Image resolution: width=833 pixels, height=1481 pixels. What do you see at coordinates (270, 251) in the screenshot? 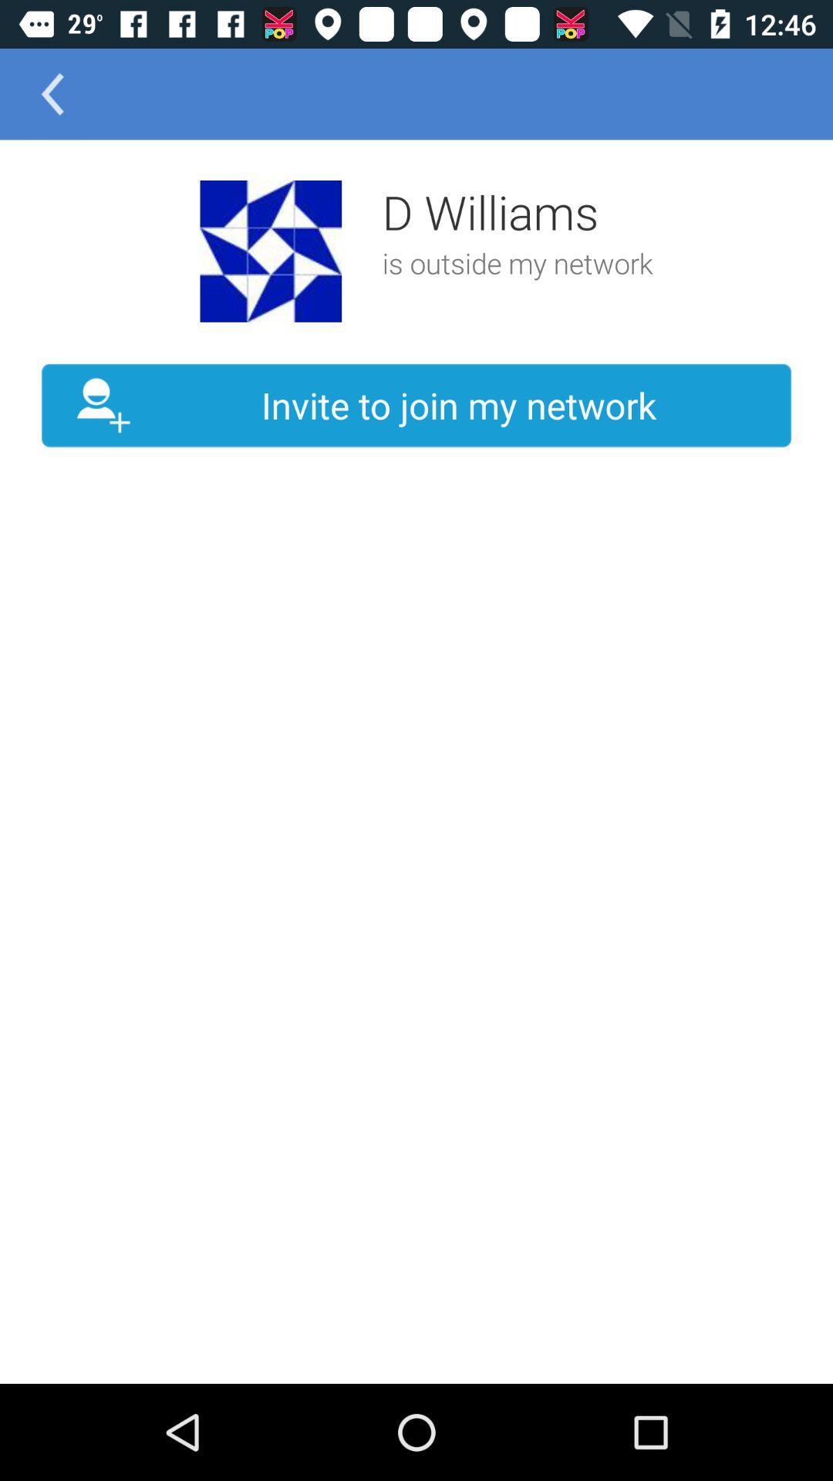
I see `the icon to the left of the d williams icon` at bounding box center [270, 251].